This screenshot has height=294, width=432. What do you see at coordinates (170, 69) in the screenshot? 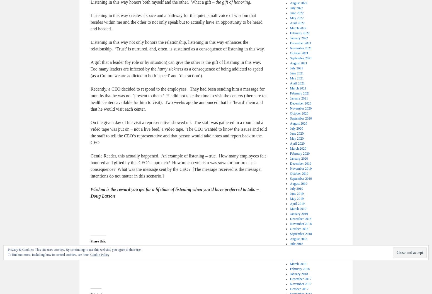
I see `'hurry sickness'` at bounding box center [170, 69].